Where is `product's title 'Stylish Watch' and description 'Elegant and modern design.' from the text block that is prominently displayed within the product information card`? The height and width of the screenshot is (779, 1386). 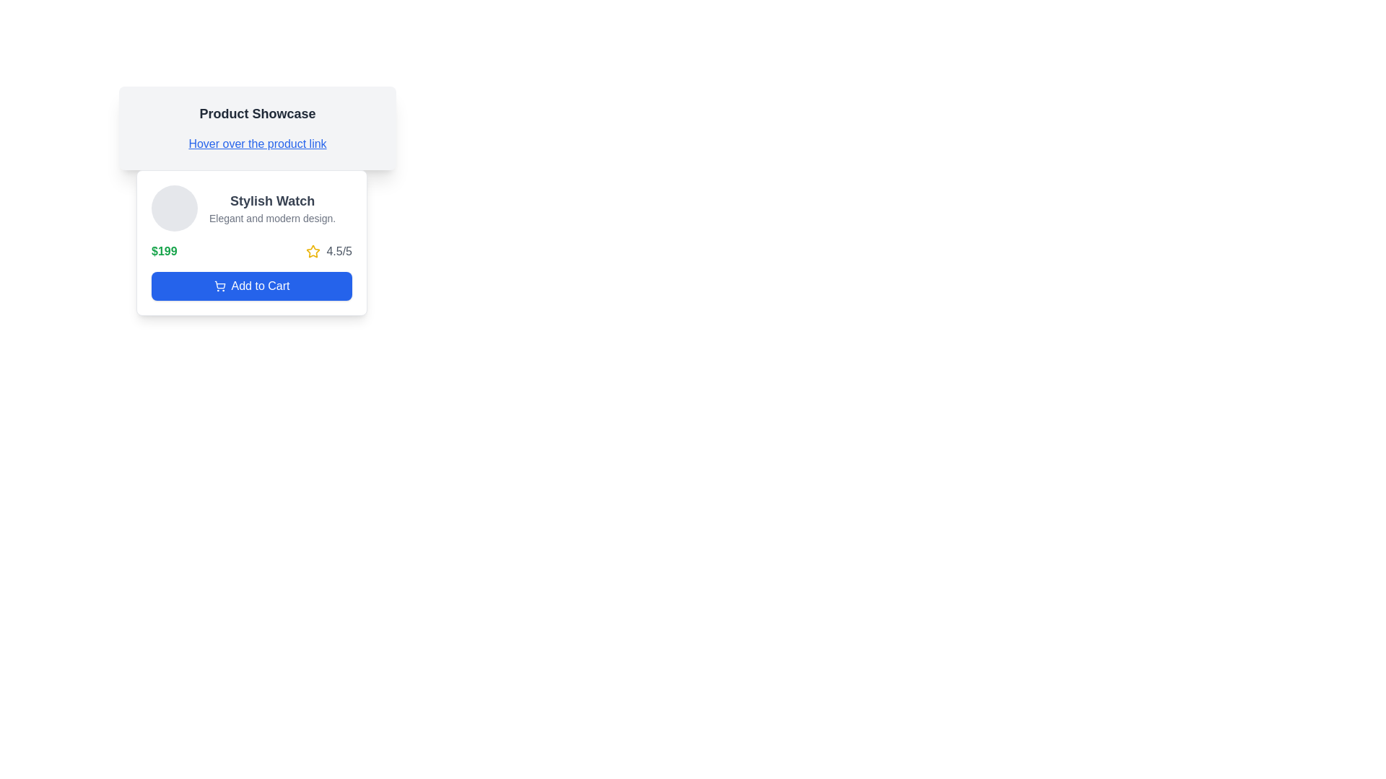 product's title 'Stylish Watch' and description 'Elegant and modern design.' from the text block that is prominently displayed within the product information card is located at coordinates (272, 208).